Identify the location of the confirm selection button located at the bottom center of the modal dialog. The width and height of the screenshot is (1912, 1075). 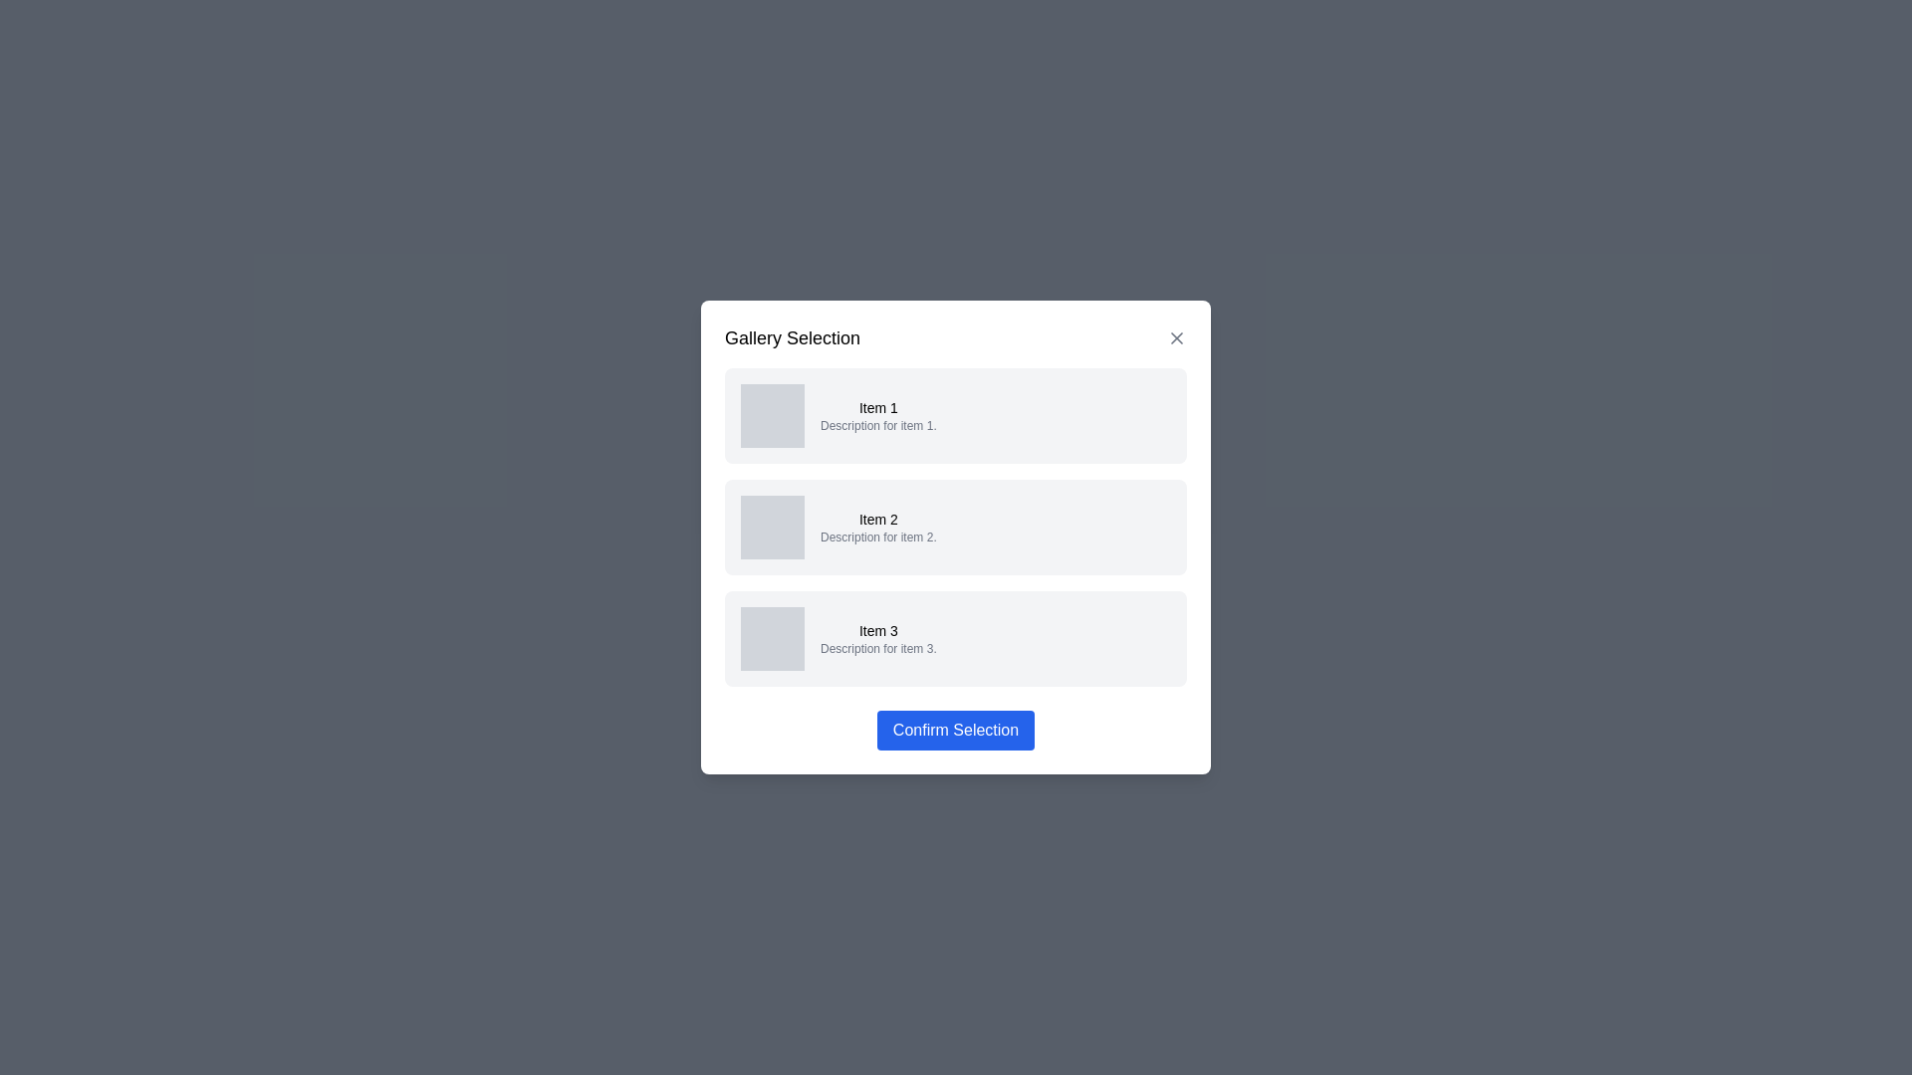
(956, 730).